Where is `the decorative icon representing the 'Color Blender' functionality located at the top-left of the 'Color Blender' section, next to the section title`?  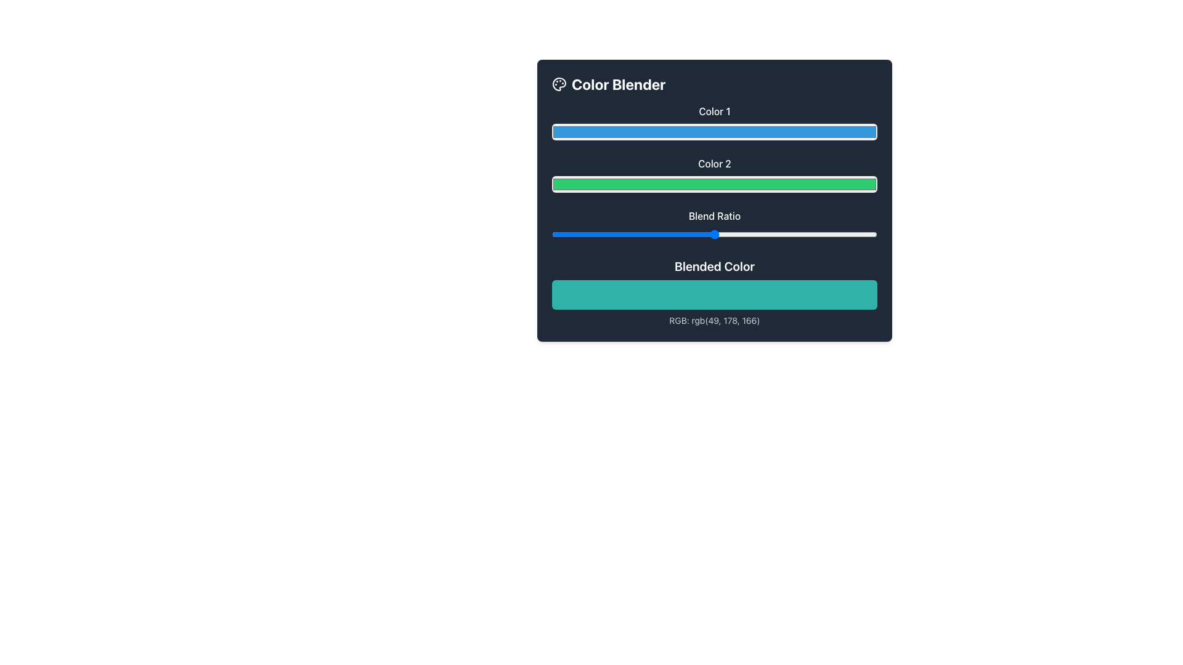 the decorative icon representing the 'Color Blender' functionality located at the top-left of the 'Color Blender' section, next to the section title is located at coordinates (558, 84).